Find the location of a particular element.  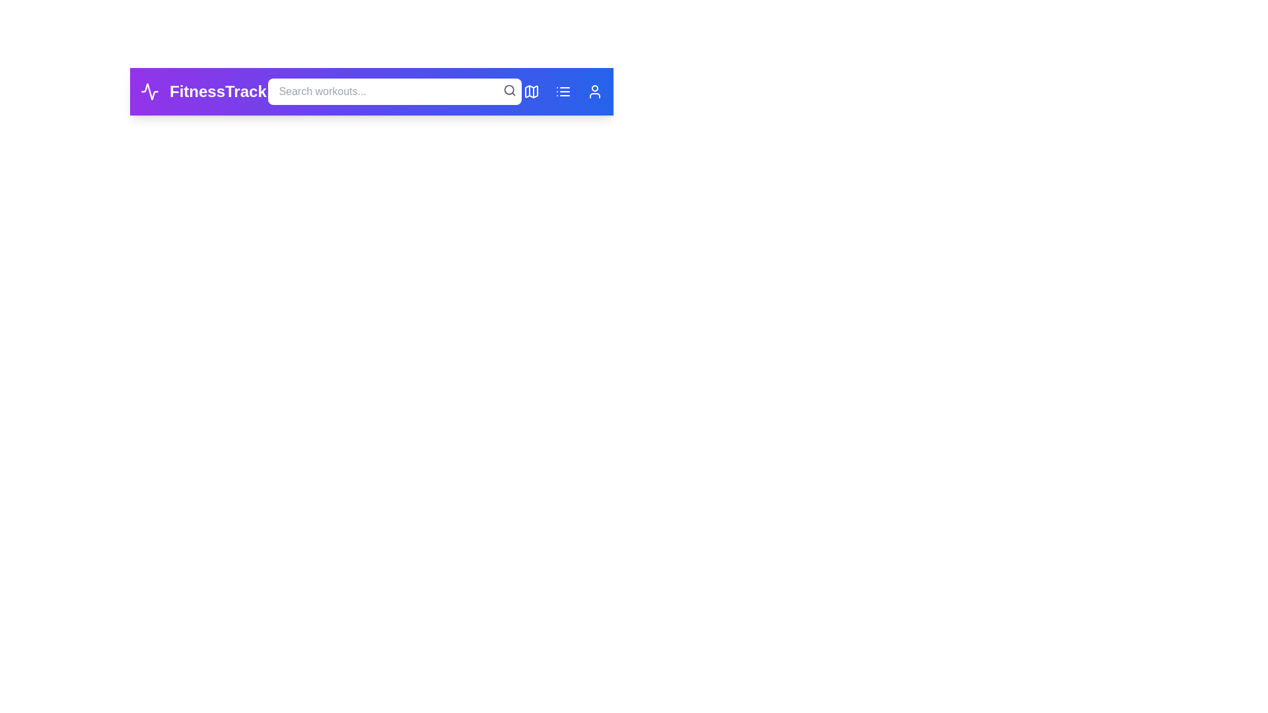

the 'Map Progress' button to navigate to the map view is located at coordinates (532, 90).